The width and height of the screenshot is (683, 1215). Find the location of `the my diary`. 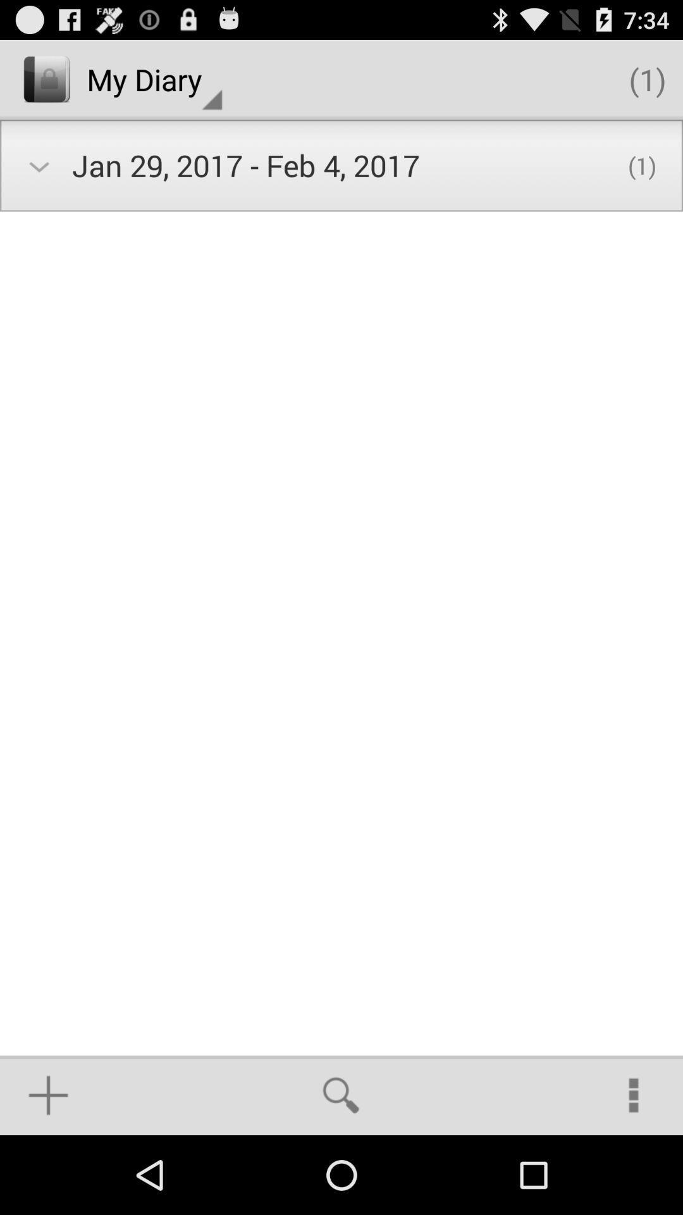

the my diary is located at coordinates (154, 78).